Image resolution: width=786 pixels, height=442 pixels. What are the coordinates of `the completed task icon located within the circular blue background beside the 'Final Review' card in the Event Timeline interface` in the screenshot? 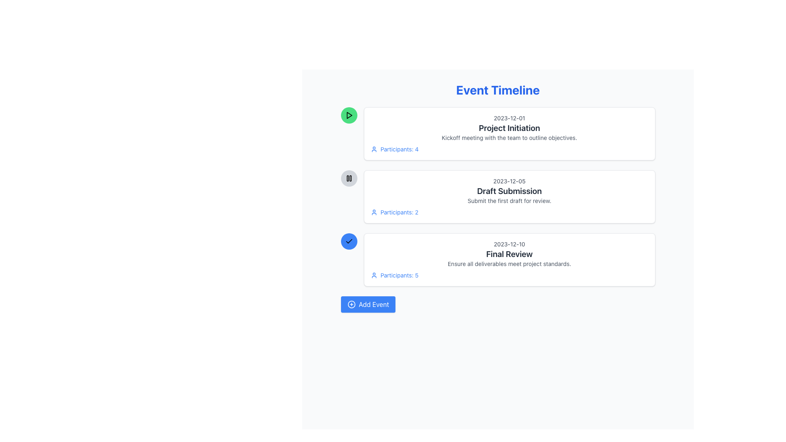 It's located at (349, 241).